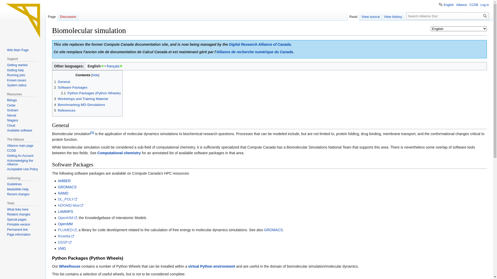 The width and height of the screenshot is (497, 279). I want to click on 'Getting help', so click(15, 70).